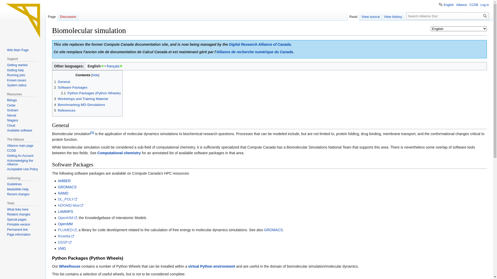 The width and height of the screenshot is (497, 279). I want to click on 'Getting help', so click(15, 70).